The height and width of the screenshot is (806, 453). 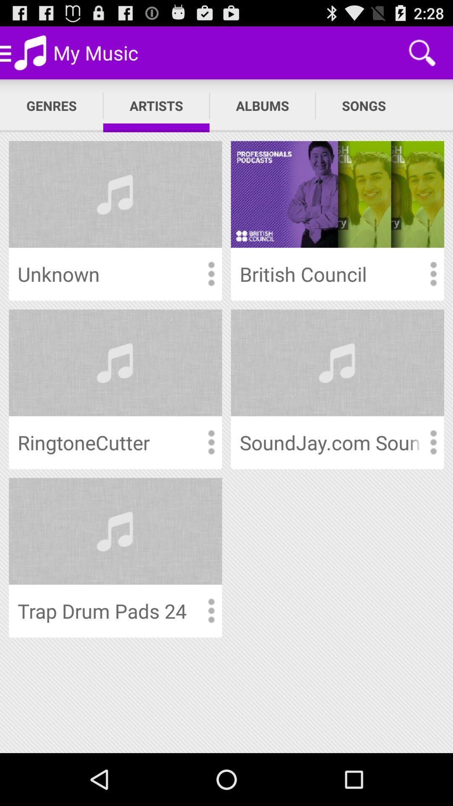 I want to click on more options, so click(x=211, y=442).